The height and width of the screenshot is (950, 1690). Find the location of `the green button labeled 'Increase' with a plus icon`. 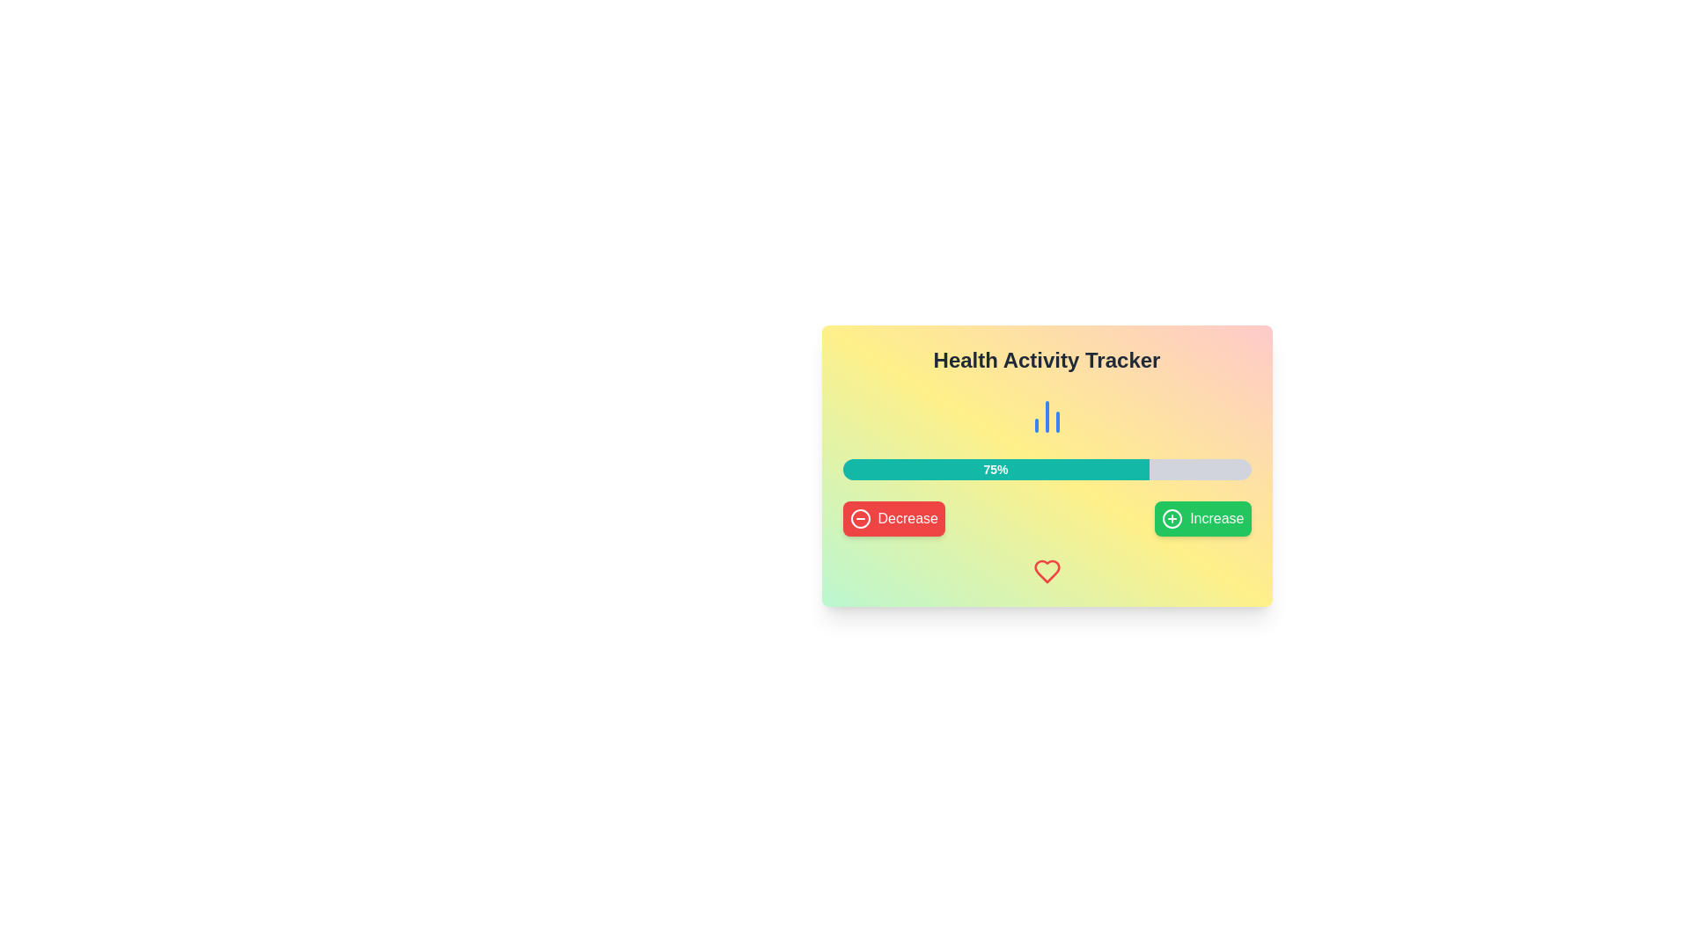

the green button labeled 'Increase' with a plus icon is located at coordinates (1201, 518).